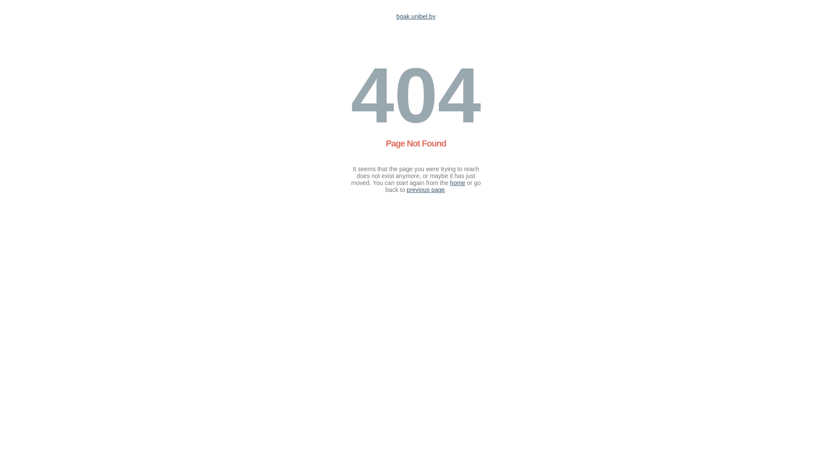 This screenshot has width=832, height=468. Describe the element at coordinates (426, 189) in the screenshot. I see `'previous page'` at that location.